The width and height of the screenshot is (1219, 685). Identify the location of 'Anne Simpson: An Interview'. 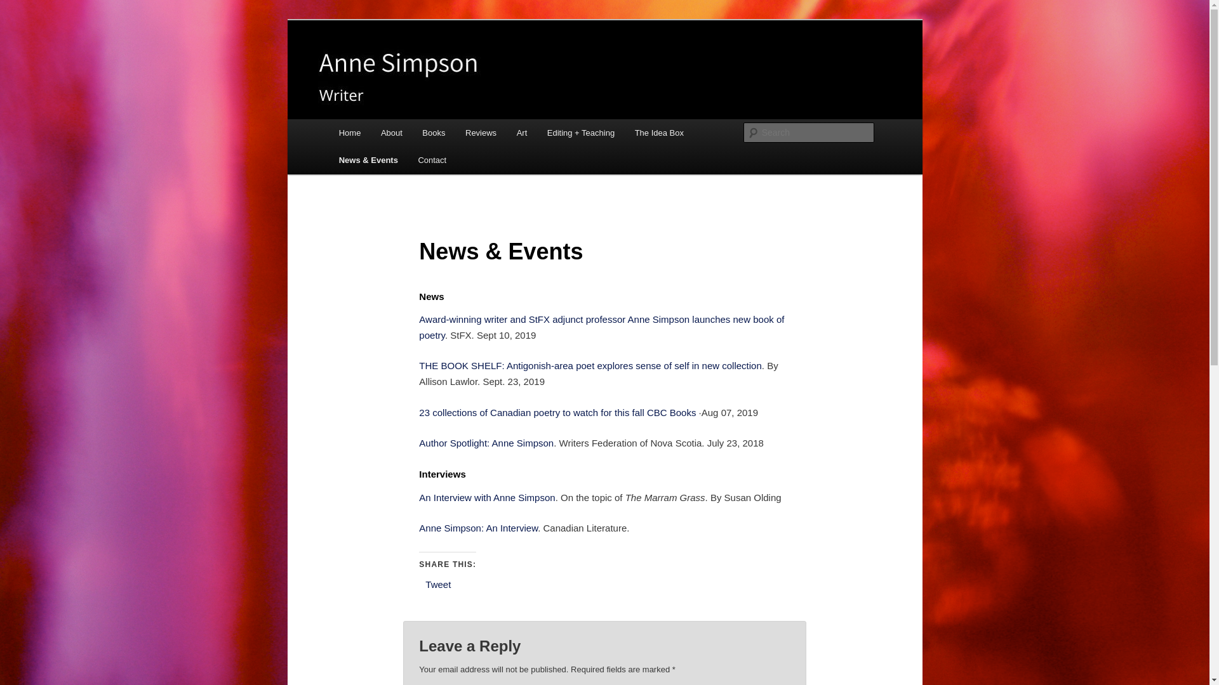
(477, 528).